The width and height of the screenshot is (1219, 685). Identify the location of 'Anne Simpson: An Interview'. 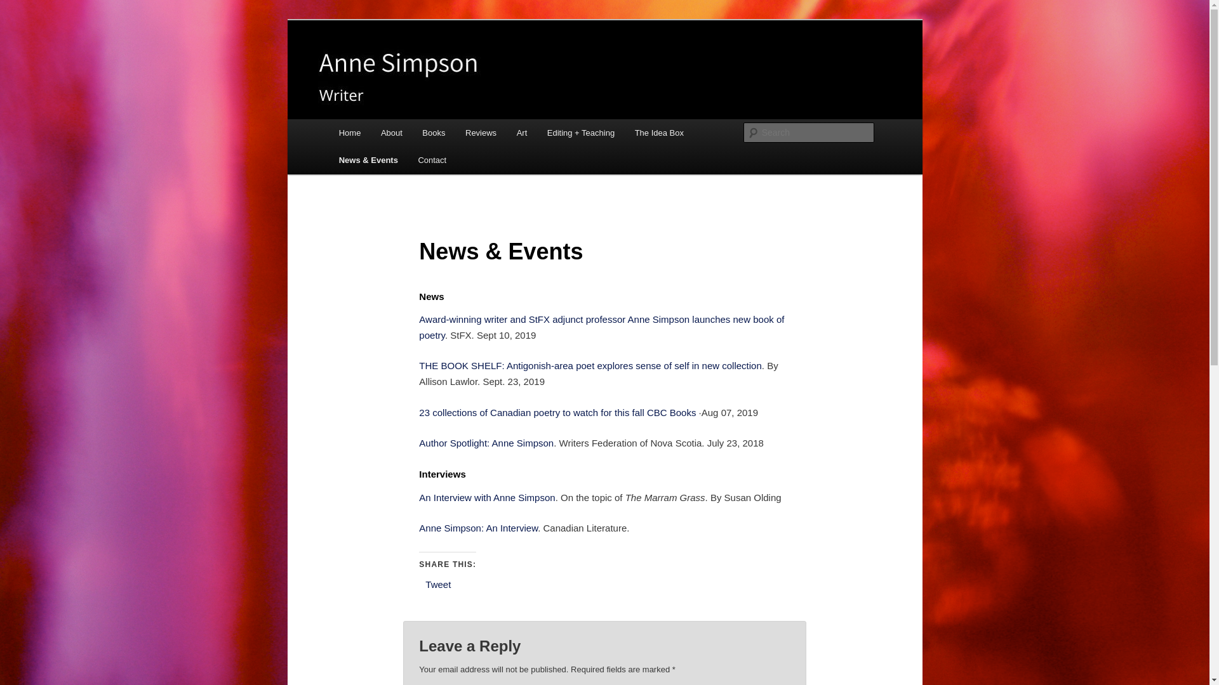
(477, 528).